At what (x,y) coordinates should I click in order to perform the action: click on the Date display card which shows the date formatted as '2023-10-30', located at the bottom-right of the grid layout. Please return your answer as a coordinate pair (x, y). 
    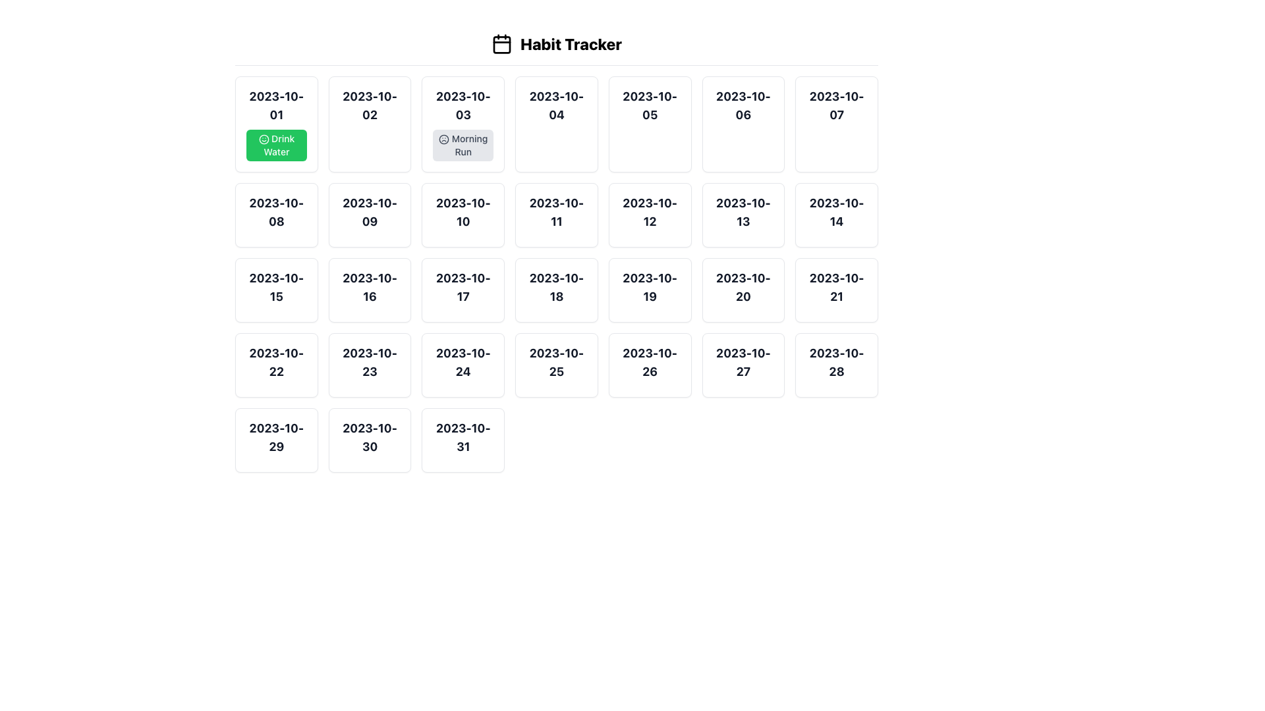
    Looking at the image, I should click on (369, 440).